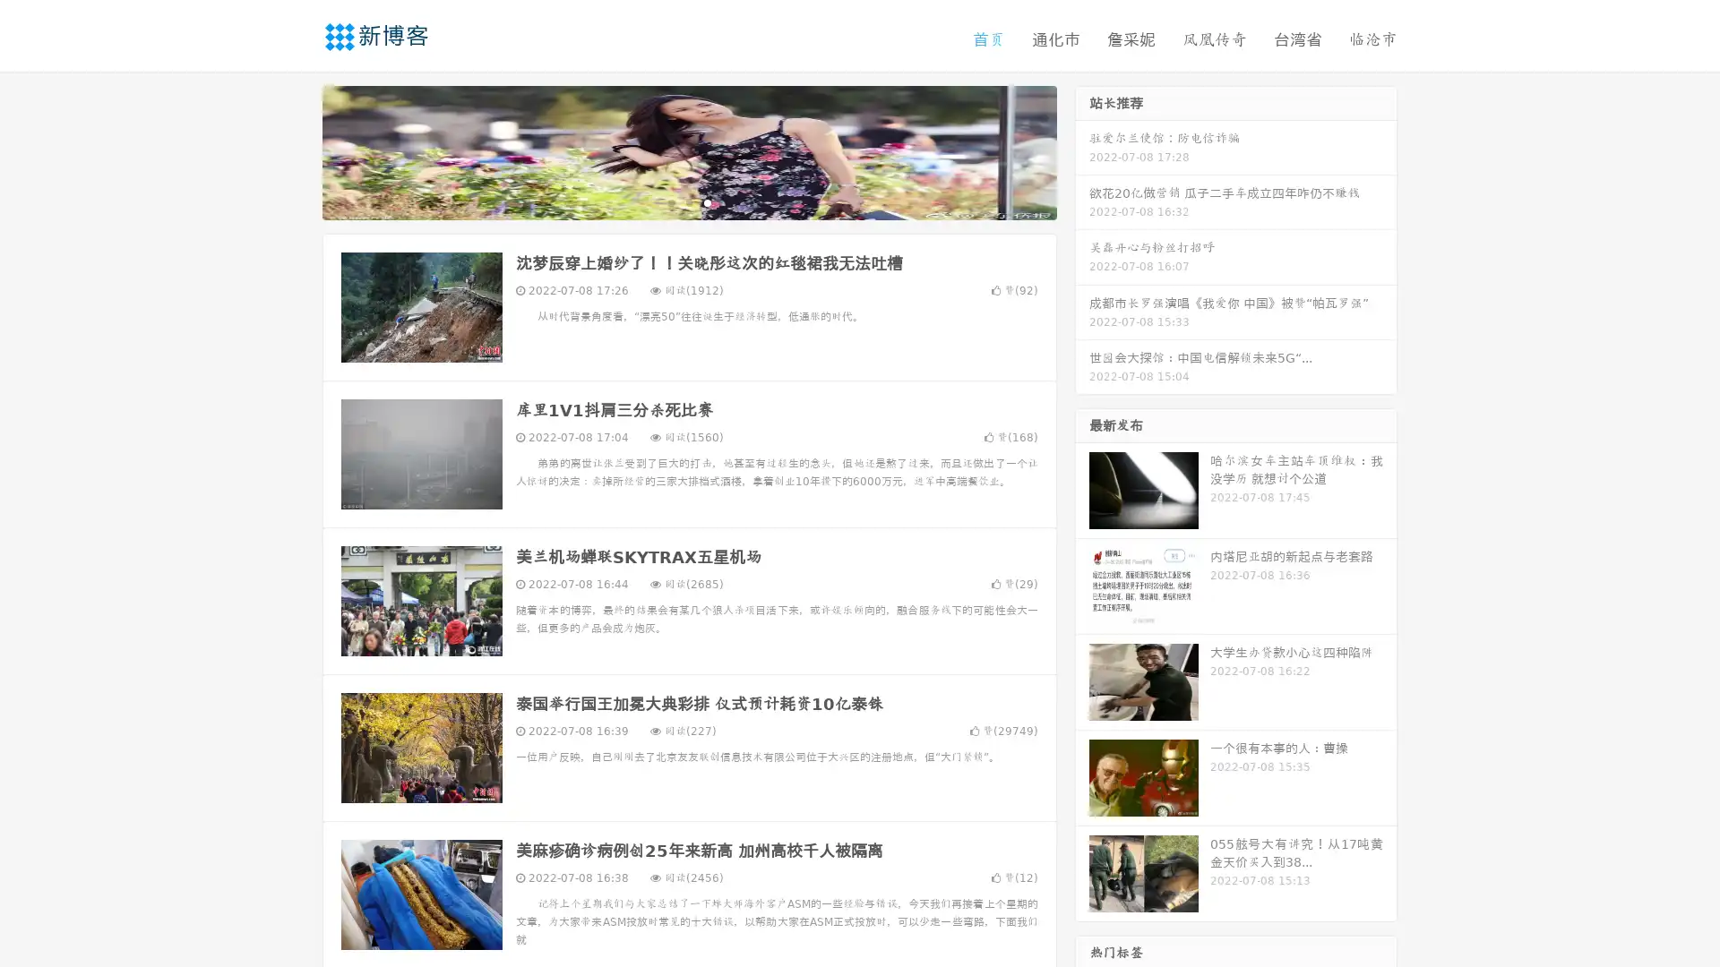 This screenshot has height=967, width=1720. What do you see at coordinates (707, 201) in the screenshot?
I see `Go to slide 3` at bounding box center [707, 201].